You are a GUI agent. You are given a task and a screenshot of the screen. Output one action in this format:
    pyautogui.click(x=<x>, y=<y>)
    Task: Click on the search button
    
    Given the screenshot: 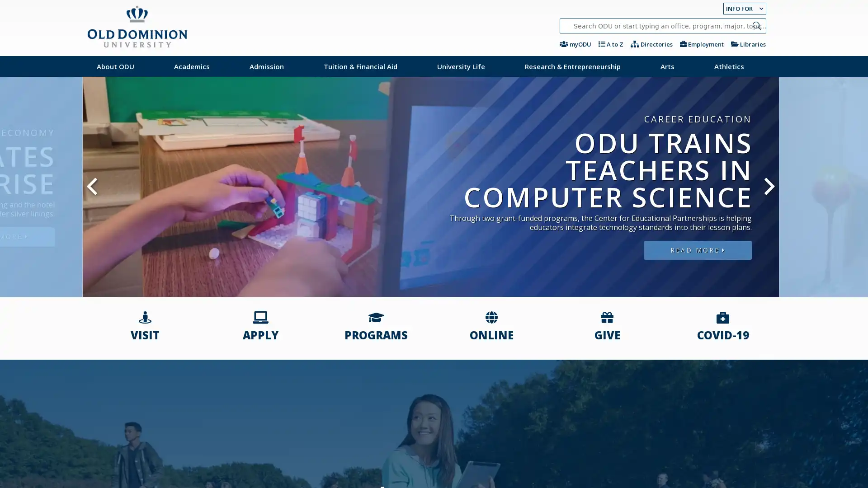 What is the action you would take?
    pyautogui.click(x=756, y=25)
    